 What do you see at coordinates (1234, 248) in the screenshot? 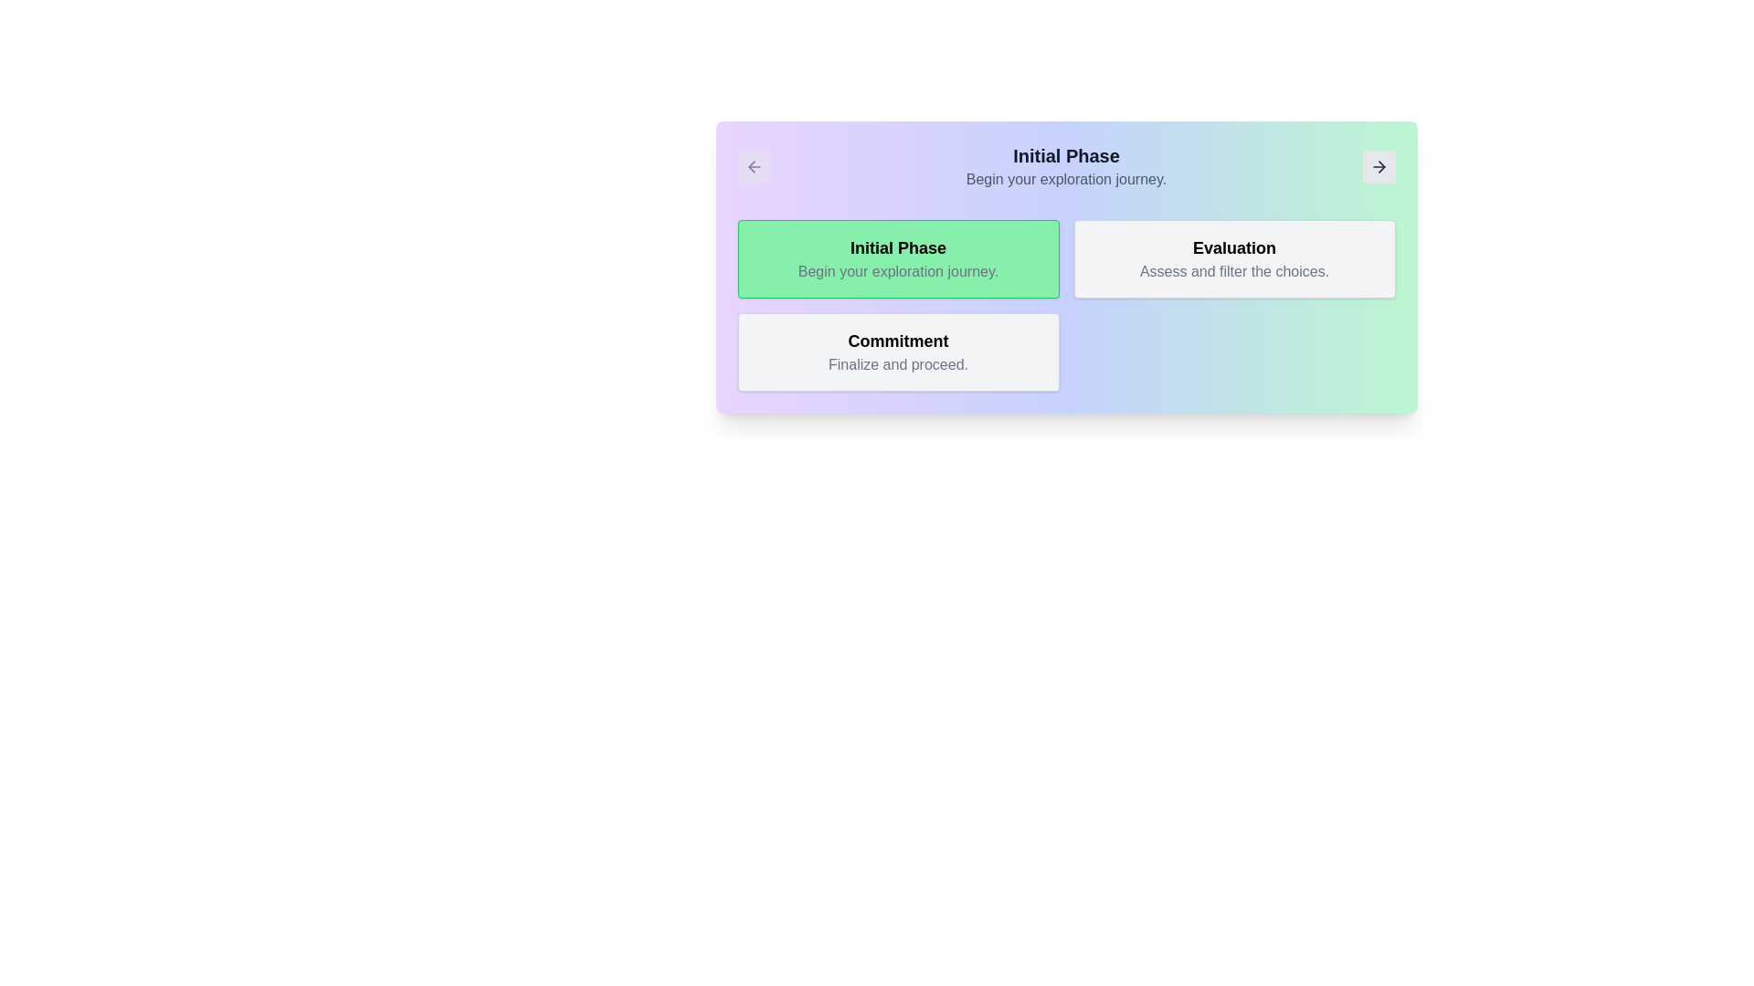
I see `the text label that serves as the title or header for its section, located in the top-center of a light gray box, positioned second from the left among three sections` at bounding box center [1234, 248].